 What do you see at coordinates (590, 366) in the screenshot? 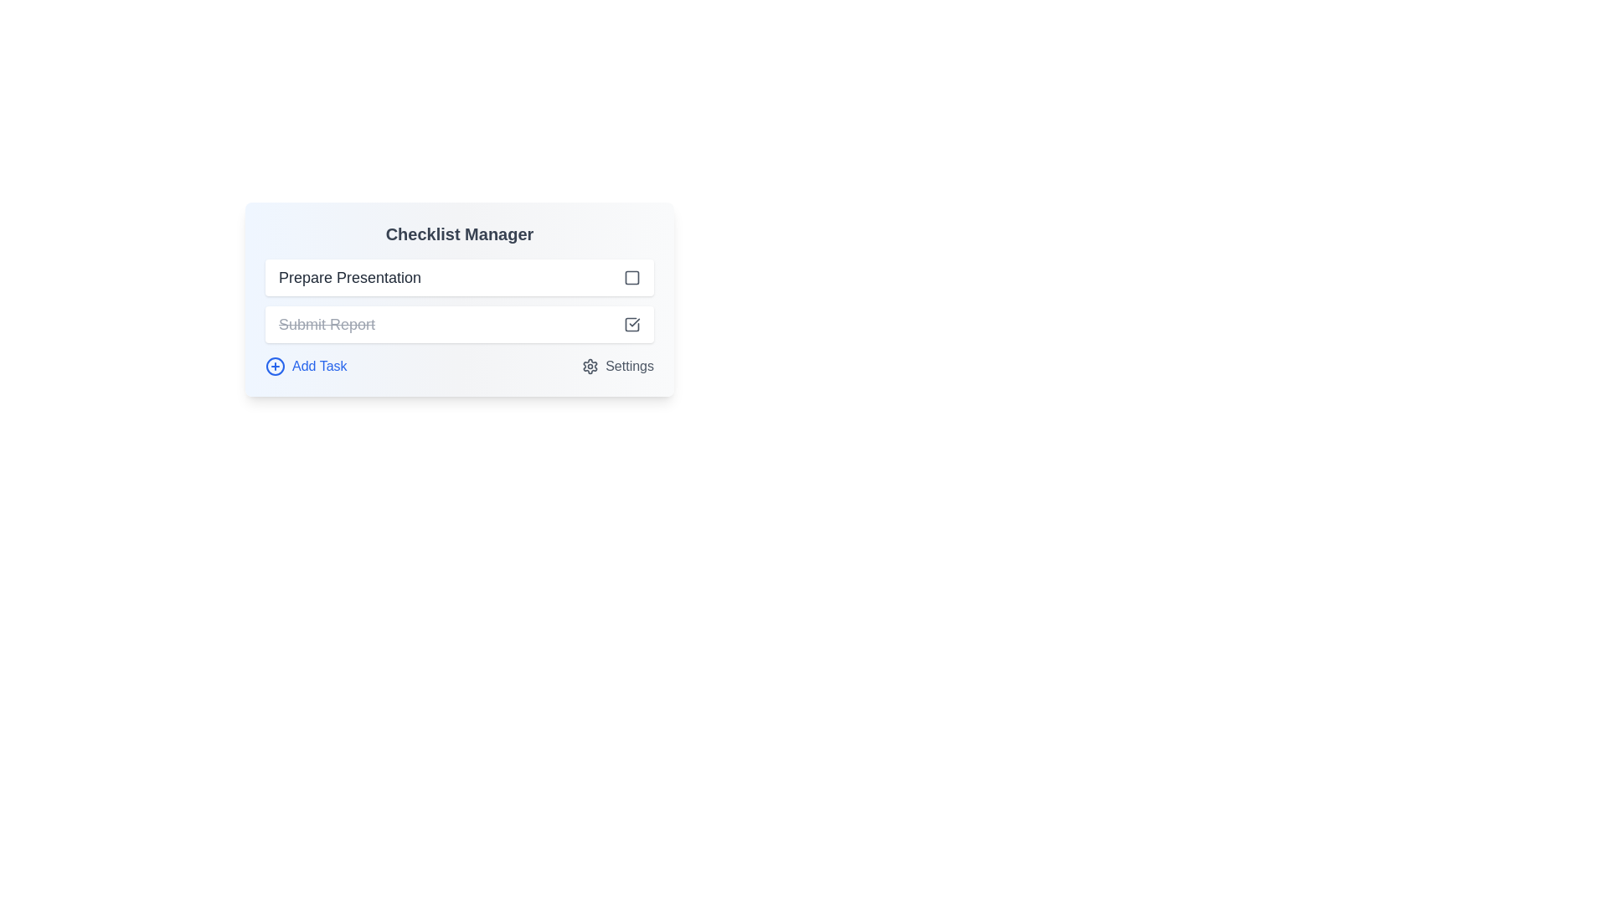
I see `the settings icon located to the left of the 'Settings' text label in the bottom-right corner of the checklist interface box` at bounding box center [590, 366].